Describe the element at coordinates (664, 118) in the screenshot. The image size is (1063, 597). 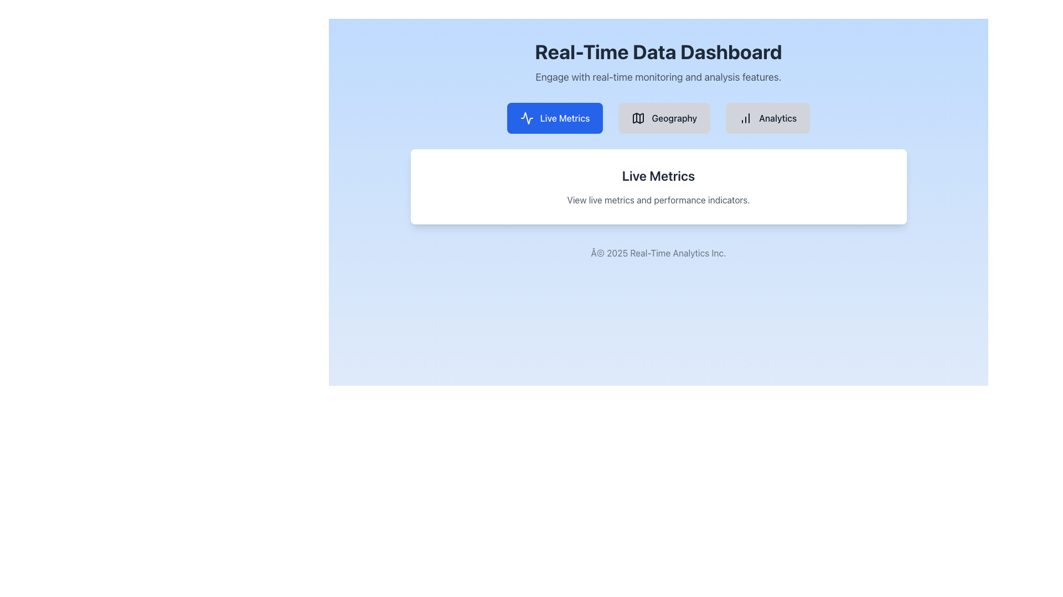
I see `the second button in the horizontal group of buttons below the heading 'Real-Time Data Dashboard' to trigger the hover effect` at that location.